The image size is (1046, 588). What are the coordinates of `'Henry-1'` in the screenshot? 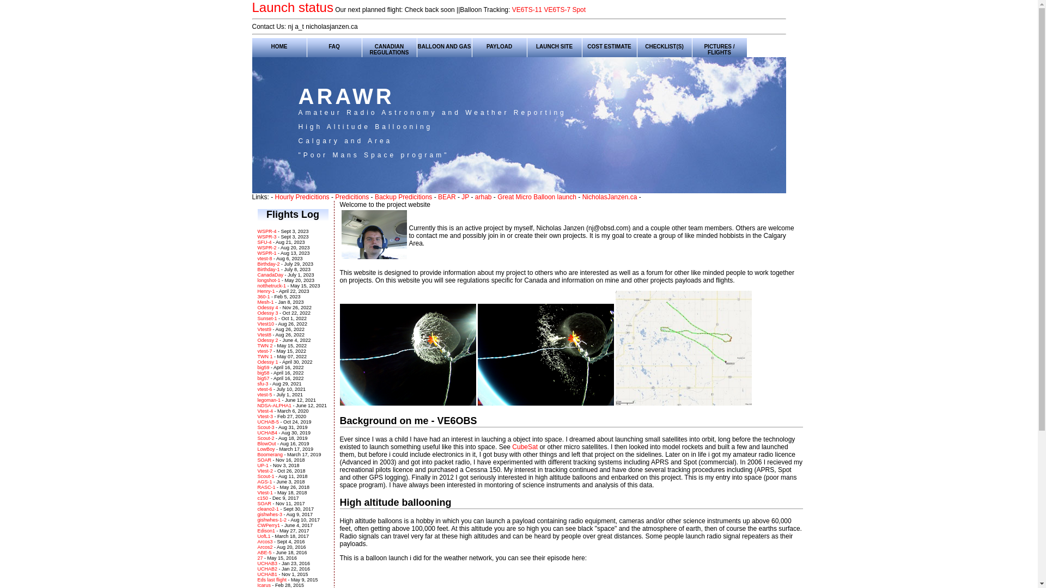 It's located at (266, 291).